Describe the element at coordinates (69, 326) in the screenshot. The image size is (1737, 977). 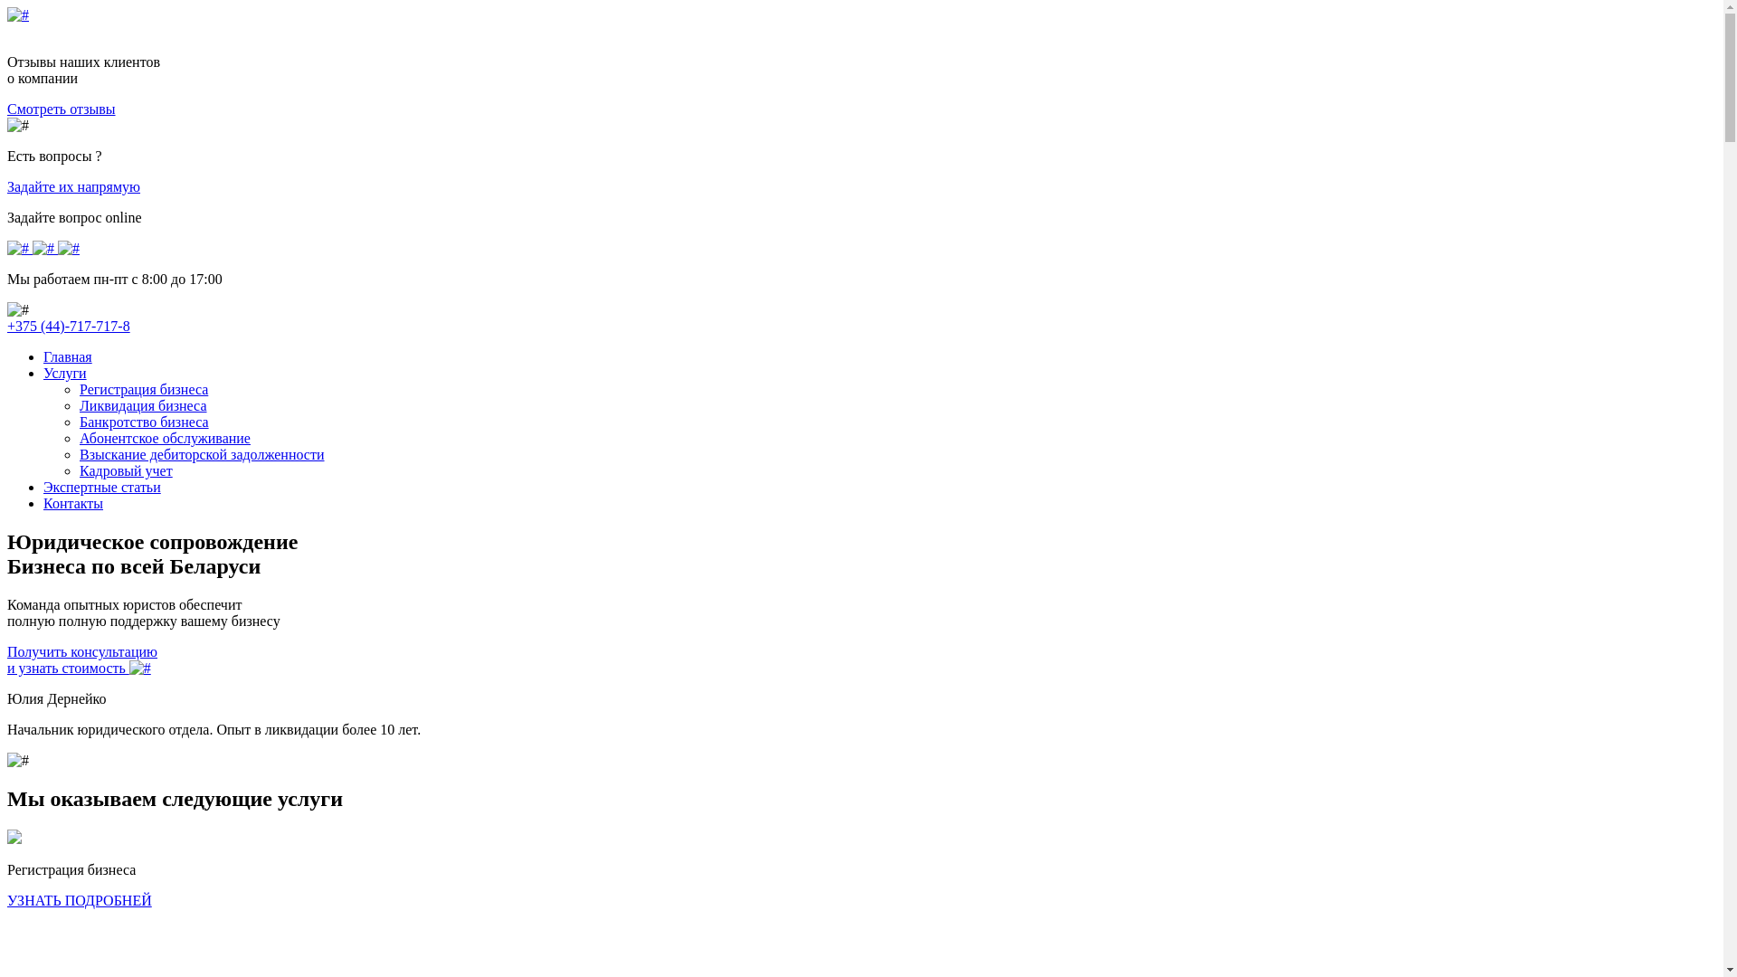
I see `'+375 (44)-717-717-8'` at that location.